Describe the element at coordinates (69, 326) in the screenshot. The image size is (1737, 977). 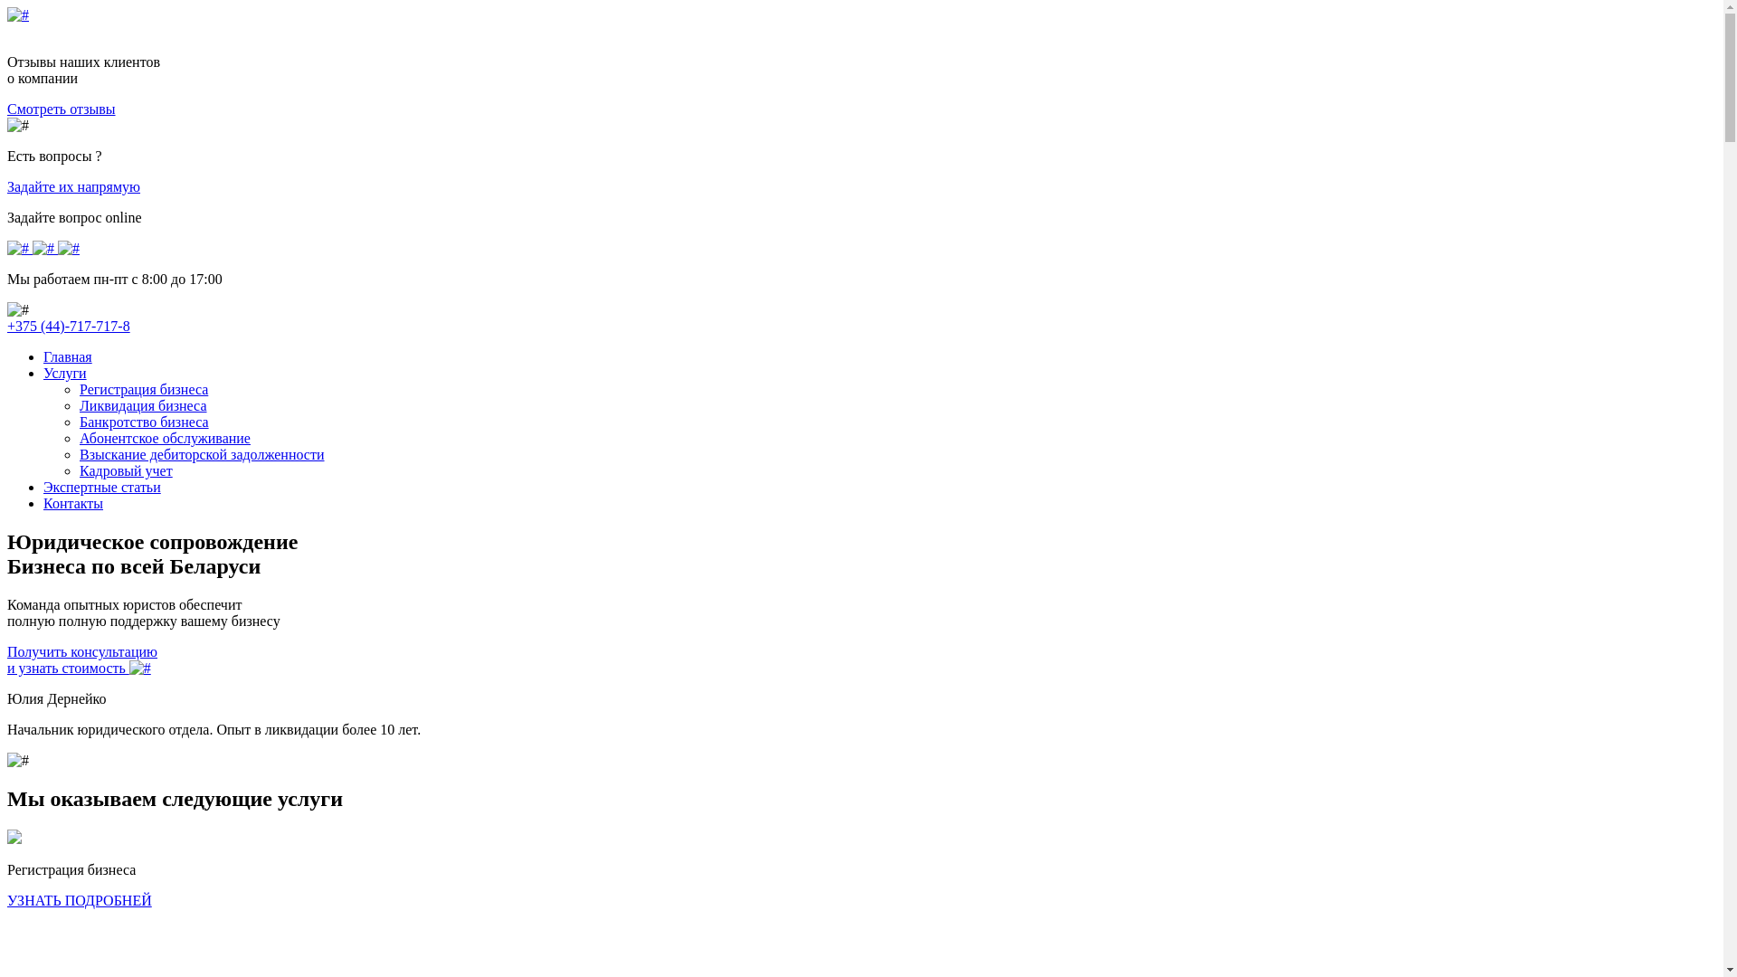
I see `'+375 (44)-717-717-8'` at that location.